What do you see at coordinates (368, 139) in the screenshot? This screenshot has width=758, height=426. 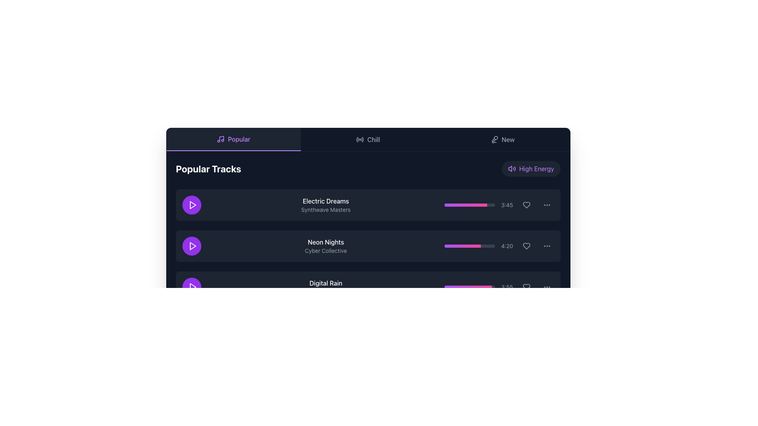 I see `the 'Chill' tab in the tab navigation bar to navigate` at bounding box center [368, 139].